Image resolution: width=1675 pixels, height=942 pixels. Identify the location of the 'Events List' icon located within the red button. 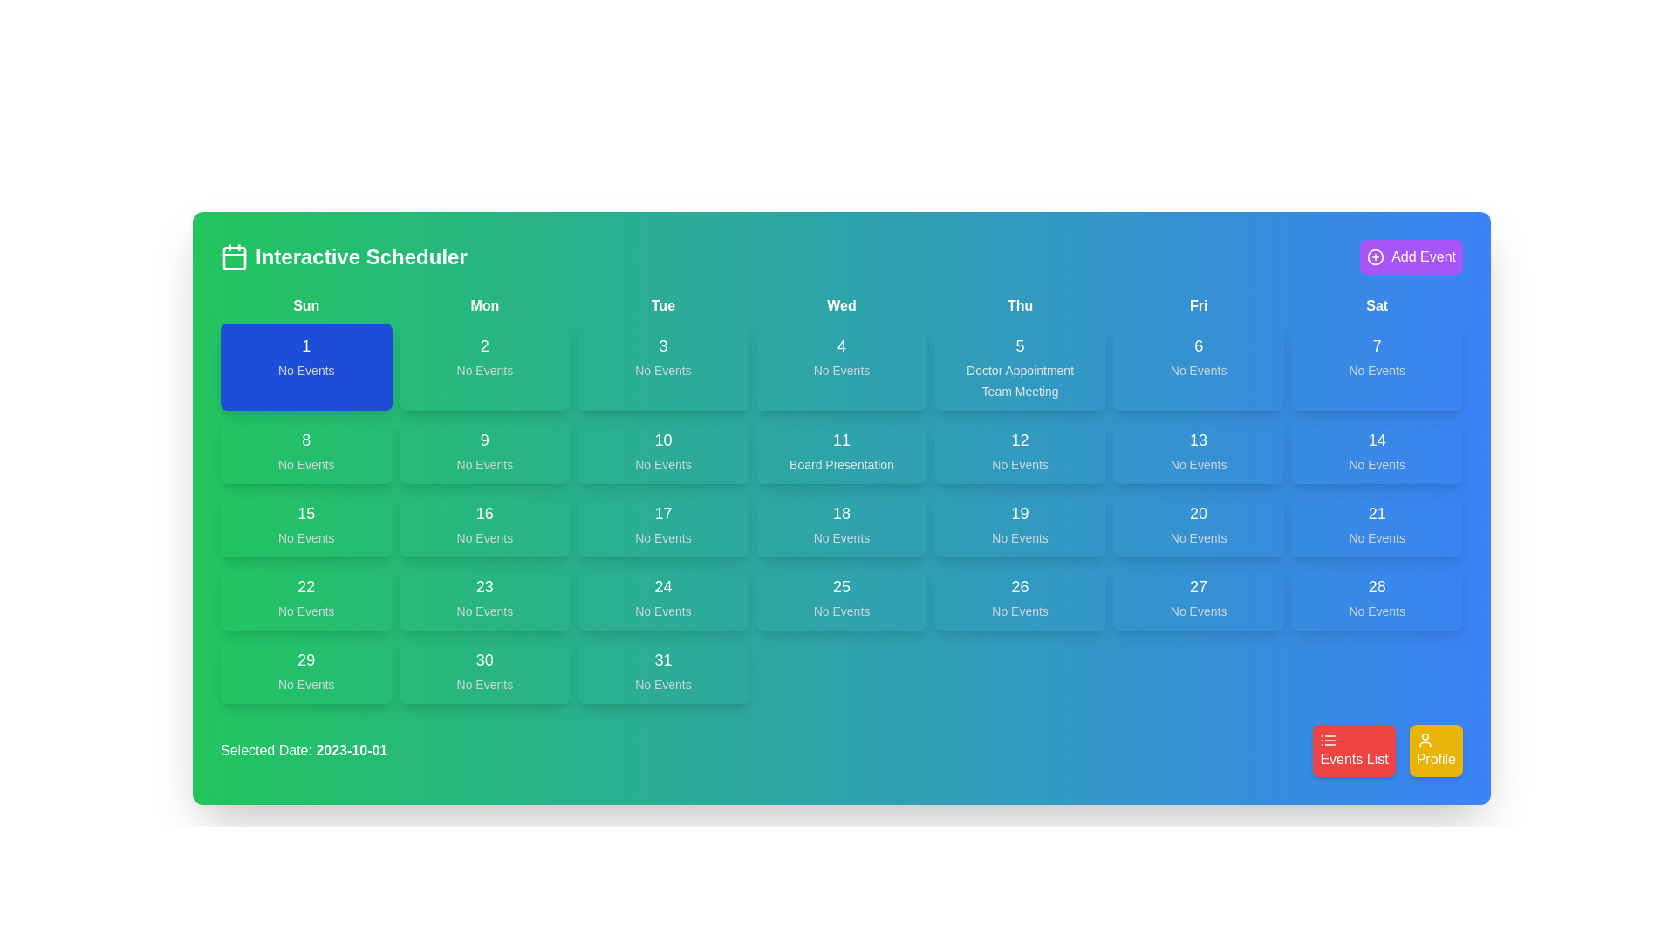
(1328, 740).